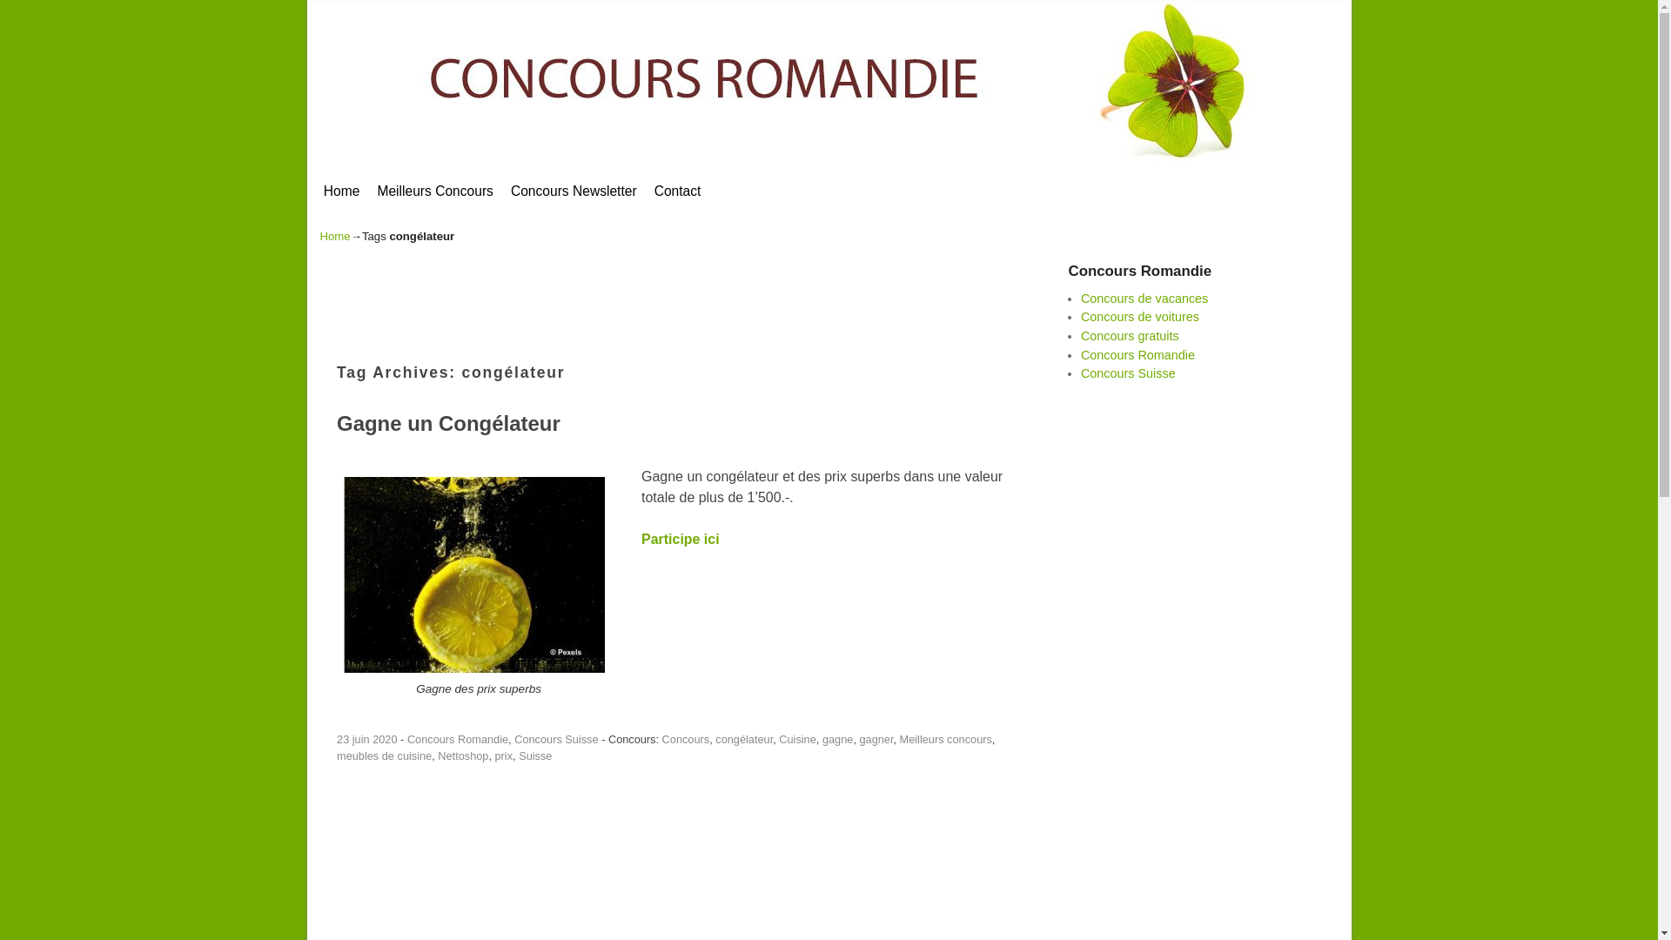 The image size is (1671, 940). What do you see at coordinates (366, 168) in the screenshot?
I see `'Skip to secondary content'` at bounding box center [366, 168].